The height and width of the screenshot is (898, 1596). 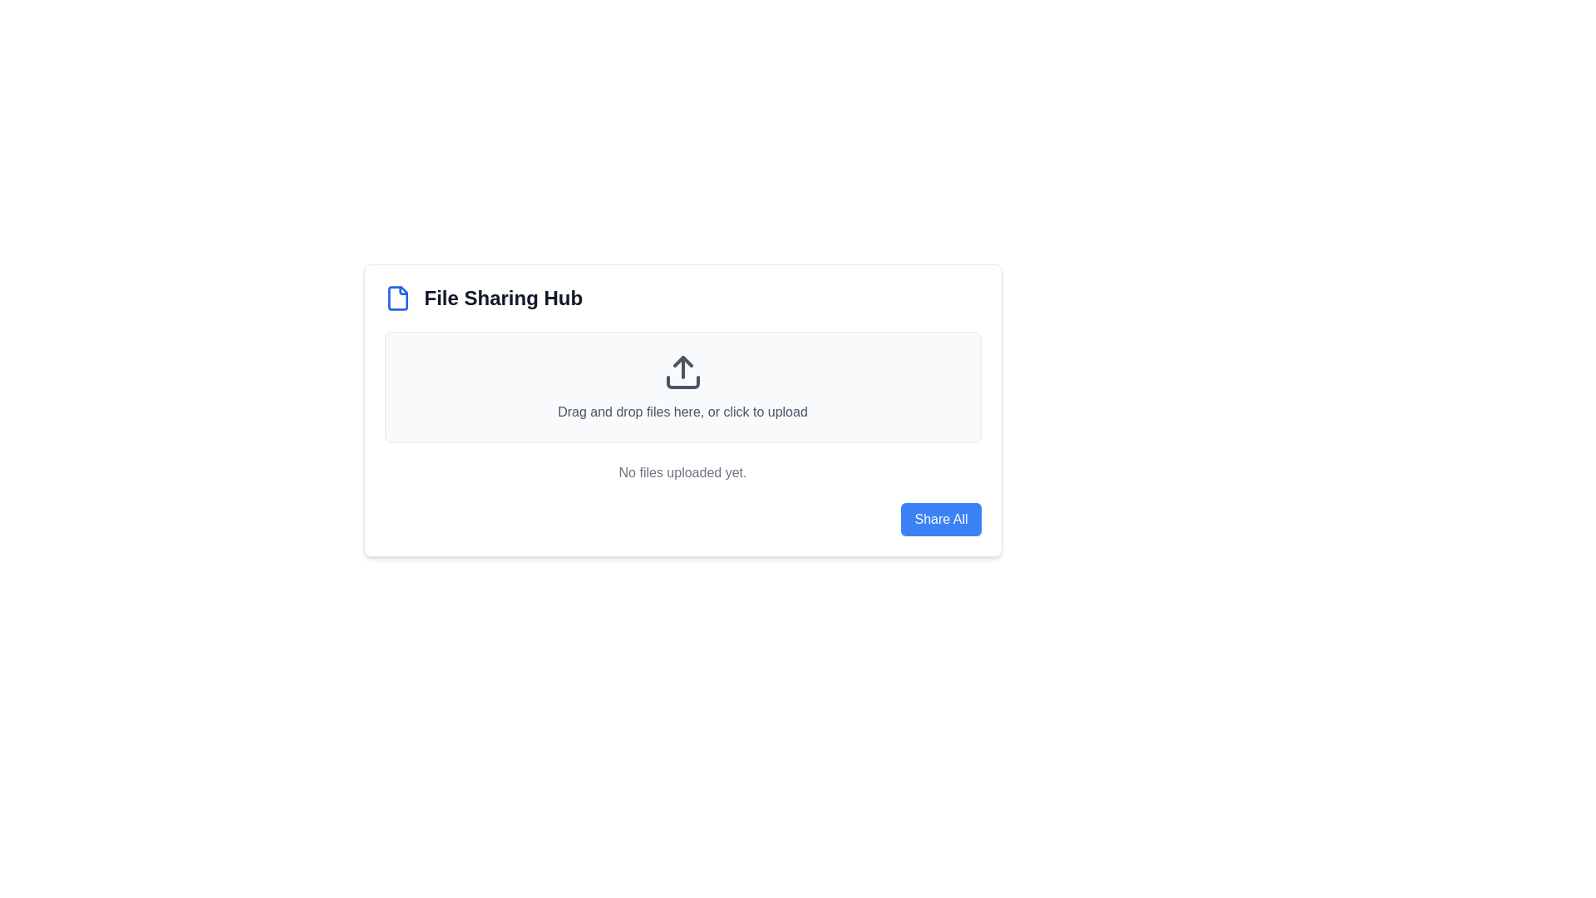 What do you see at coordinates (682, 361) in the screenshot?
I see `the upward-pointing arrow of the upload icon within the file upload interface, which represents the upload action` at bounding box center [682, 361].